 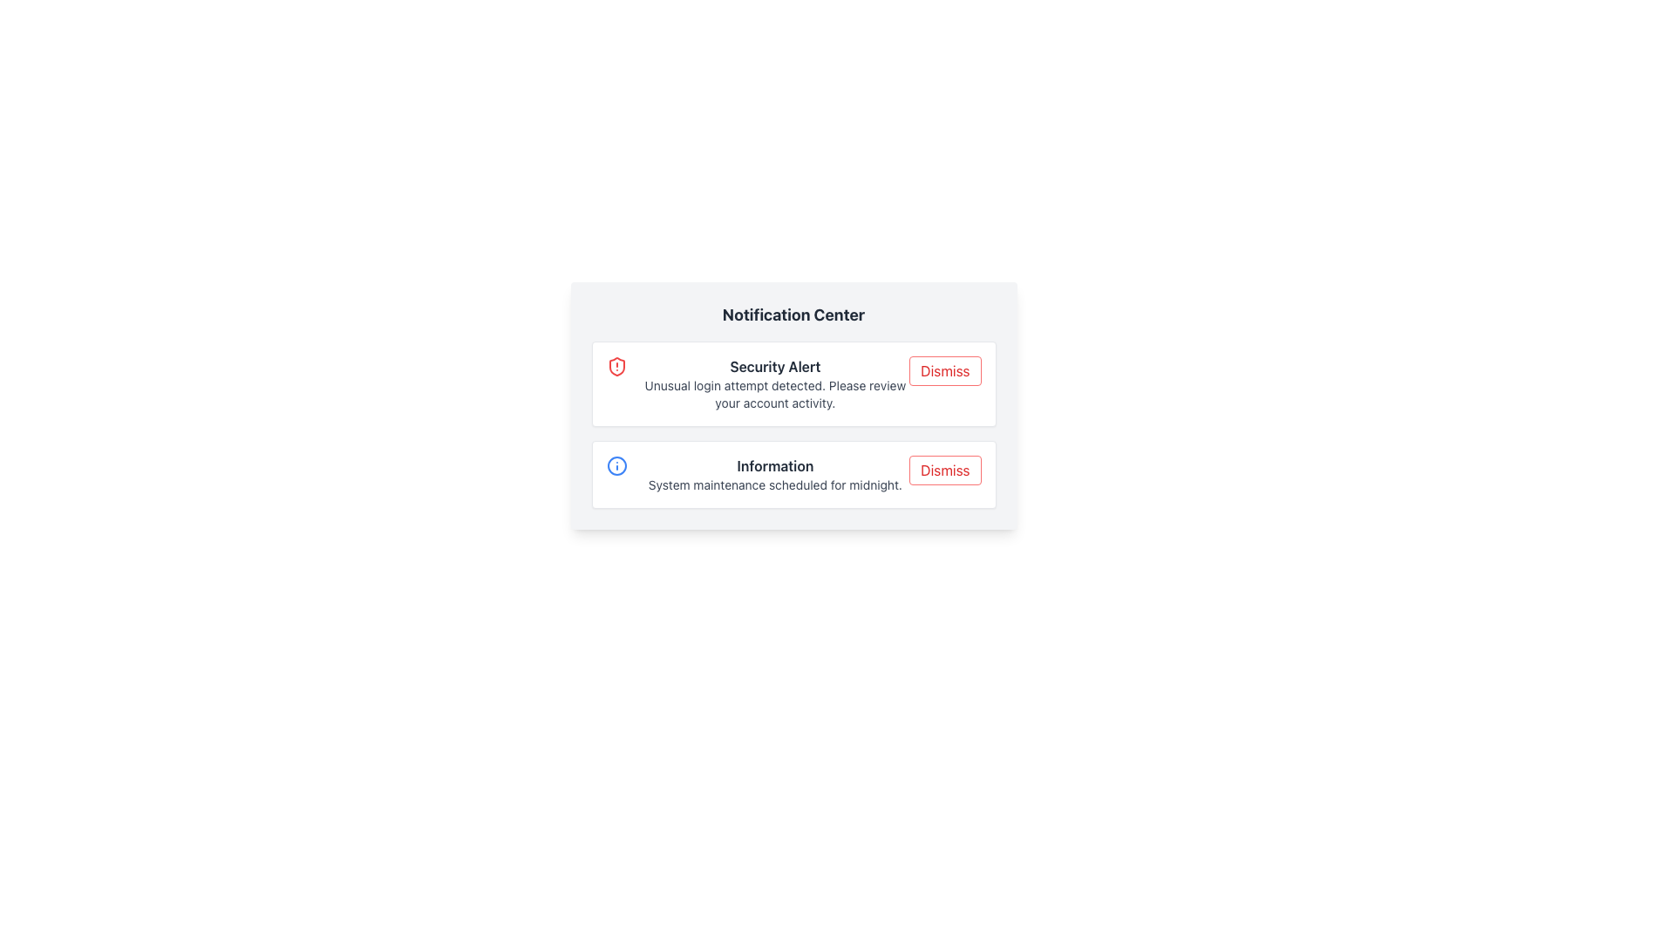 I want to click on the text label 'Security Alert' which is styled in medium font weight and displayed in dark gray color, positioned above the message about an unusual login attempt, so click(x=774, y=365).